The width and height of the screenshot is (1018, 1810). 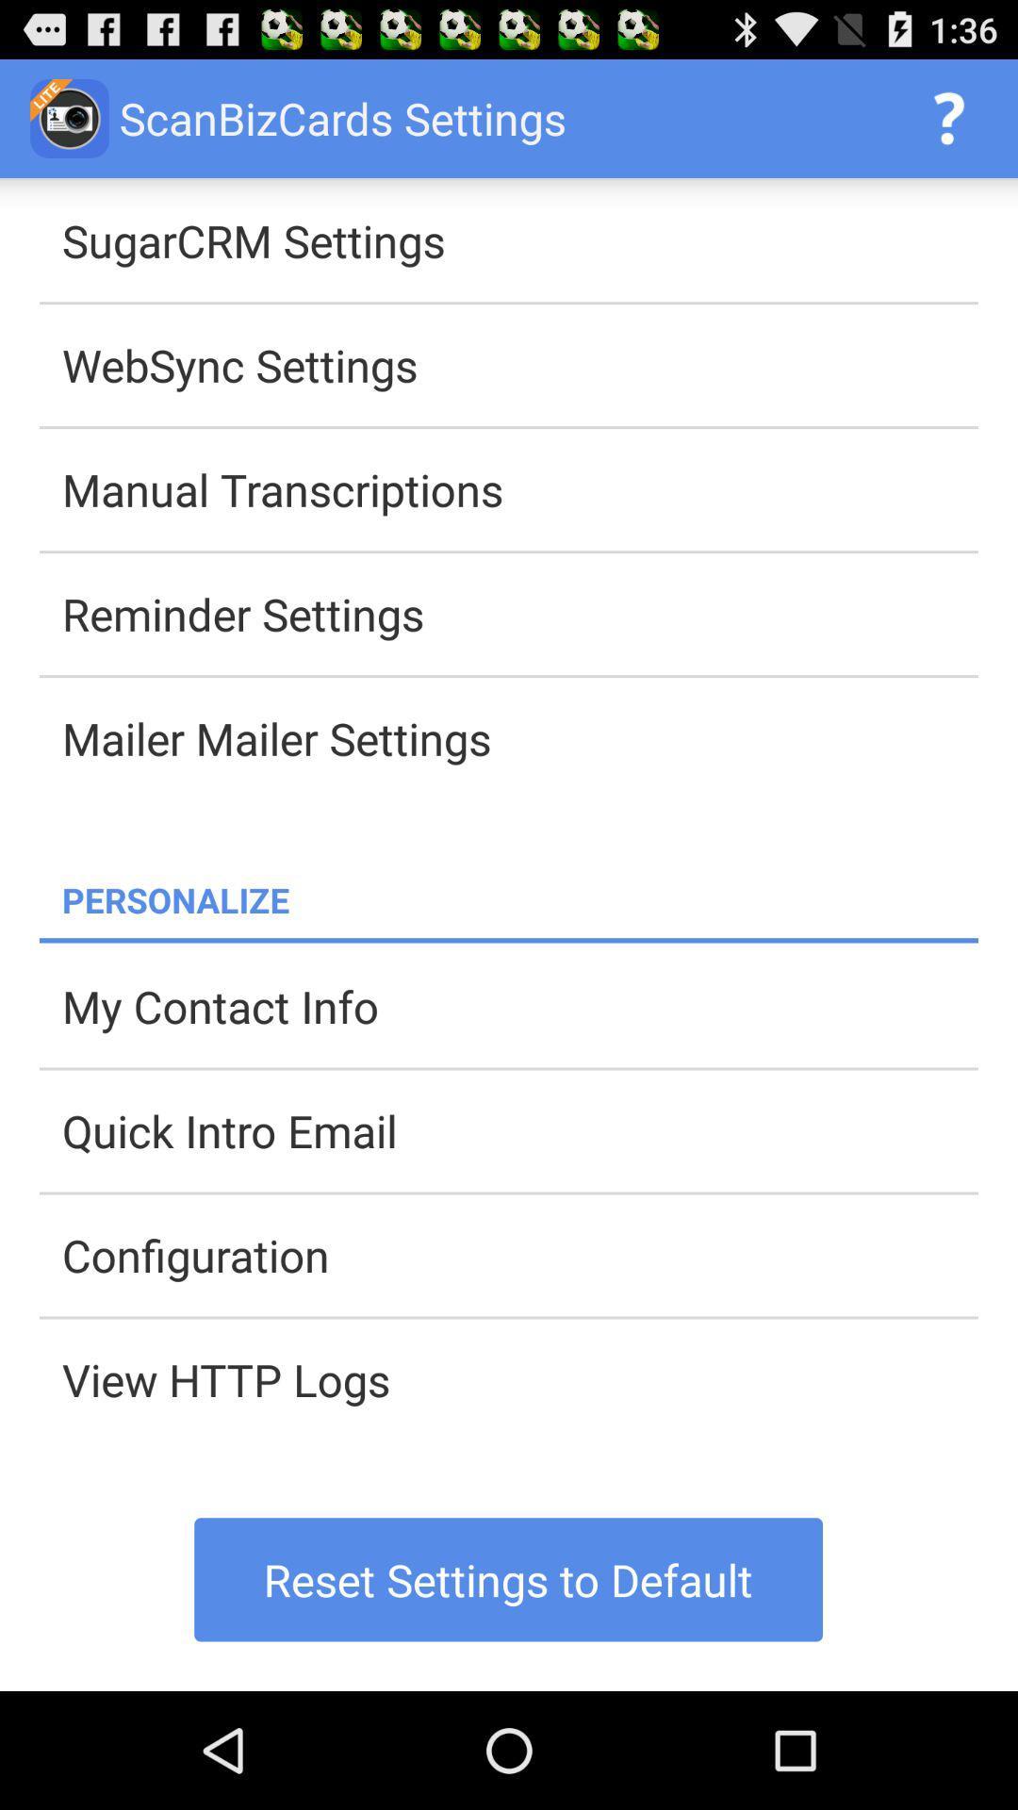 I want to click on the sugarcrm settings item, so click(x=519, y=239).